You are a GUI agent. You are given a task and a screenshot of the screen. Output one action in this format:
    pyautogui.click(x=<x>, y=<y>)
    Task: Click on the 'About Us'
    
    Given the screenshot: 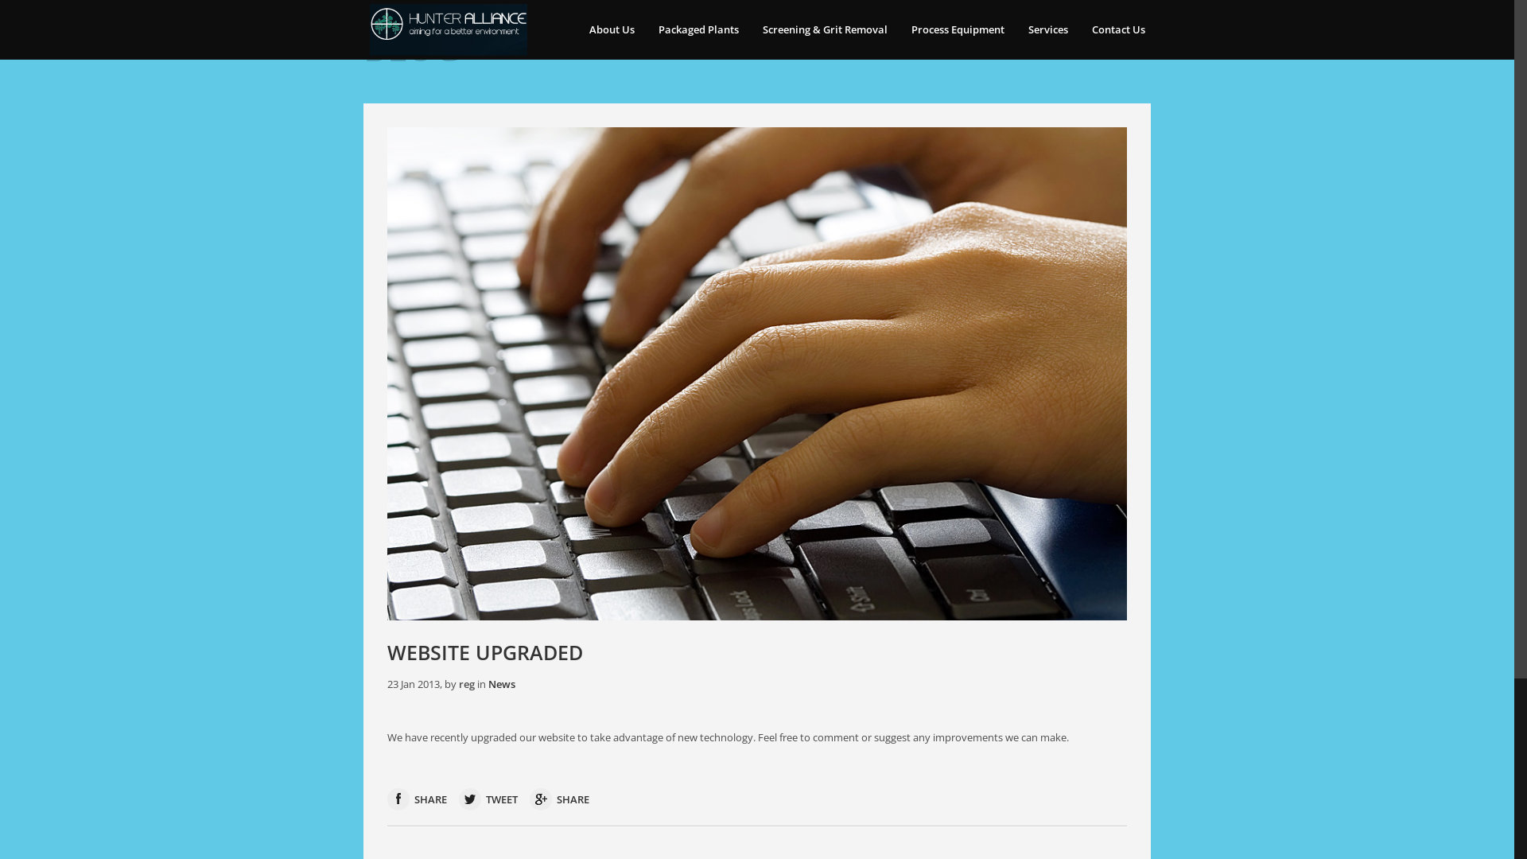 What is the action you would take?
    pyautogui.click(x=576, y=29)
    